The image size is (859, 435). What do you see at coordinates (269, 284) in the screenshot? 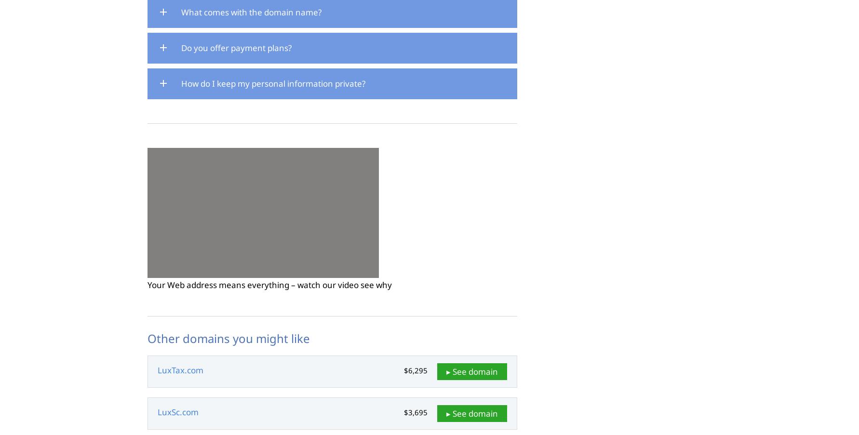
I see `'Your Web address means everything – watch our video see why'` at bounding box center [269, 284].